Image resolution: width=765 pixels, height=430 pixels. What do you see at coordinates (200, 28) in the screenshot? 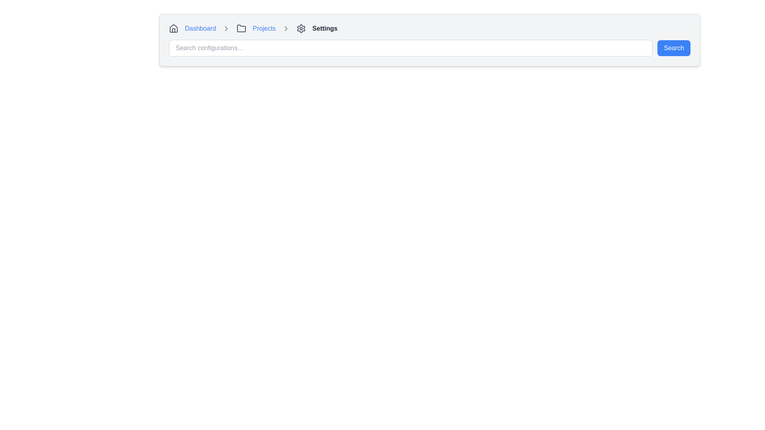
I see `the 'Dashboard' hyperlink in the breadcrumb trail navigation bar` at bounding box center [200, 28].